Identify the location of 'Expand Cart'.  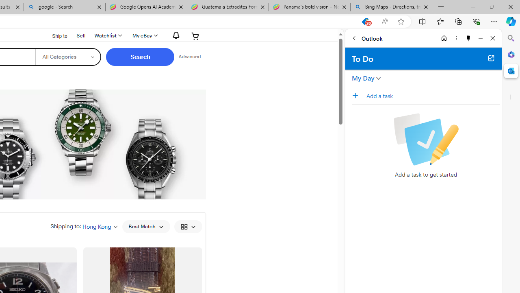
(195, 35).